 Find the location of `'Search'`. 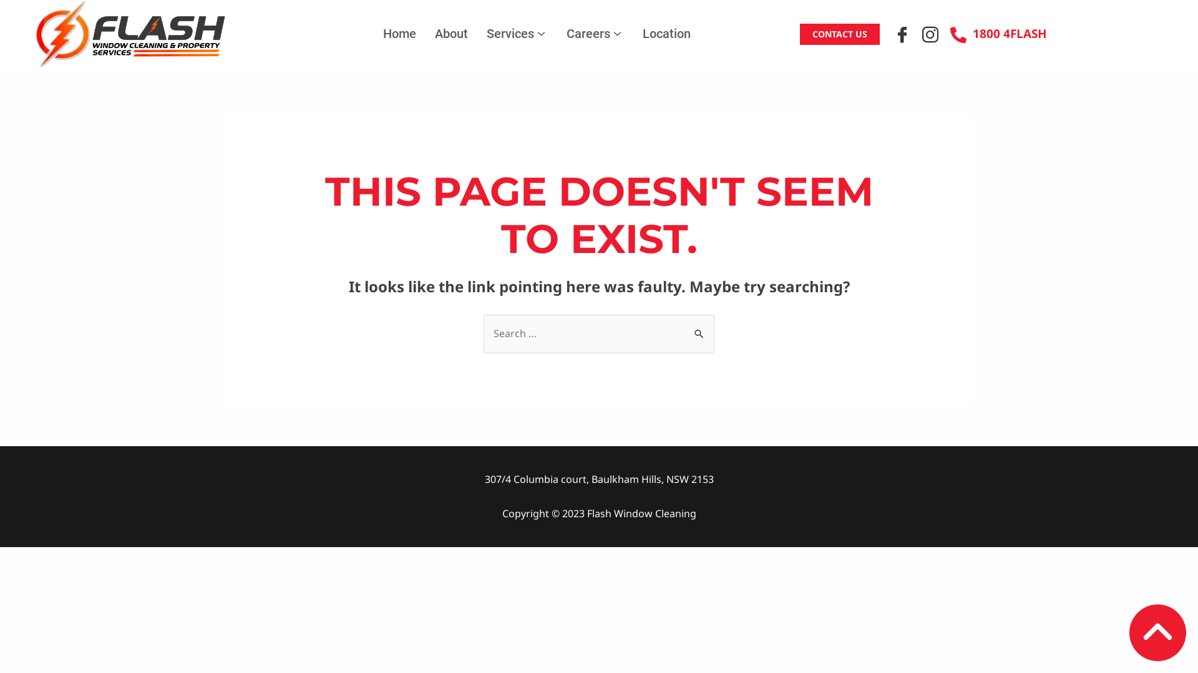

'Search' is located at coordinates (685, 326).